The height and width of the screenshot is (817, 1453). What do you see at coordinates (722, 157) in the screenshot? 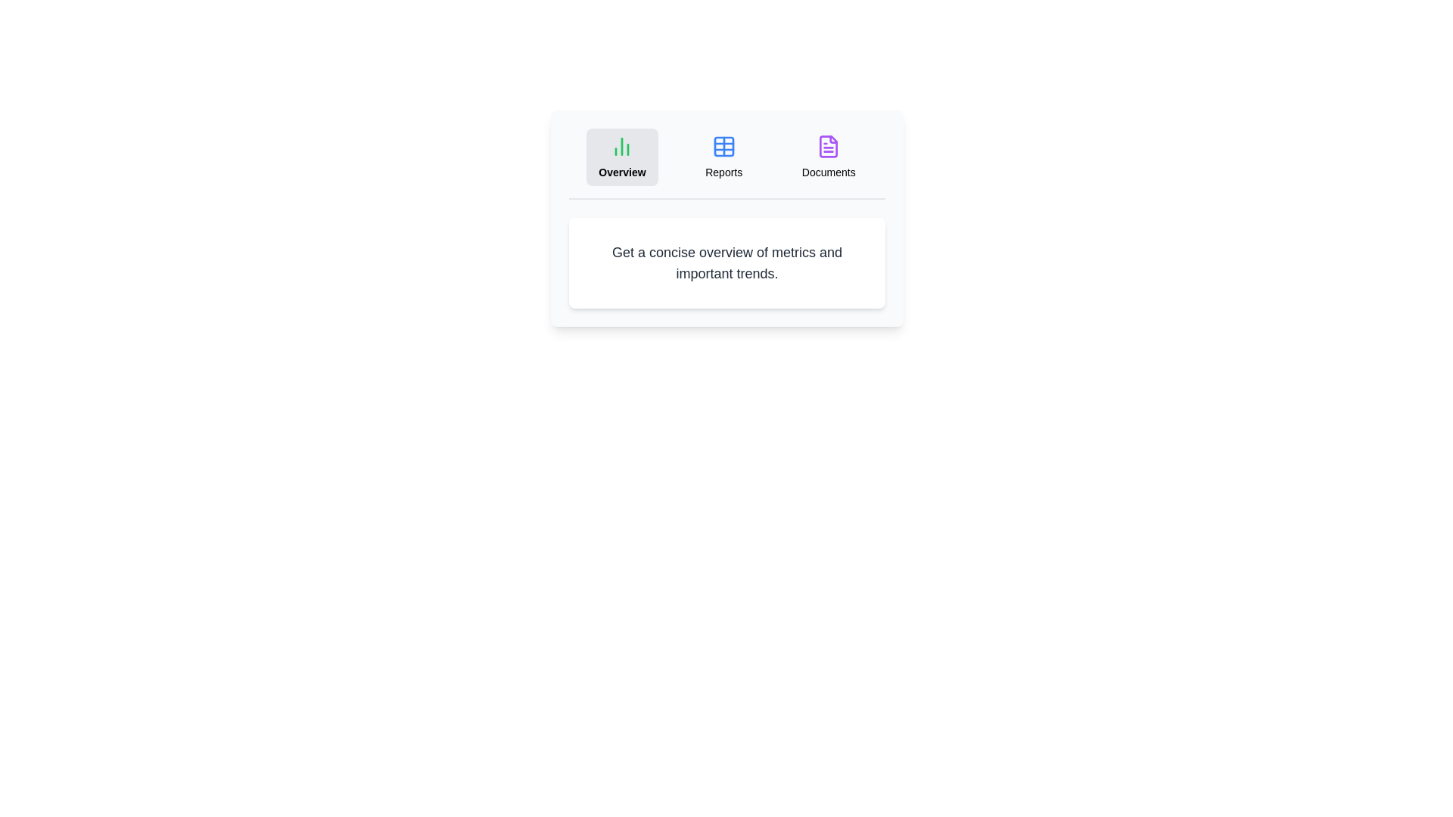
I see `the Reports tab to view its content` at bounding box center [722, 157].